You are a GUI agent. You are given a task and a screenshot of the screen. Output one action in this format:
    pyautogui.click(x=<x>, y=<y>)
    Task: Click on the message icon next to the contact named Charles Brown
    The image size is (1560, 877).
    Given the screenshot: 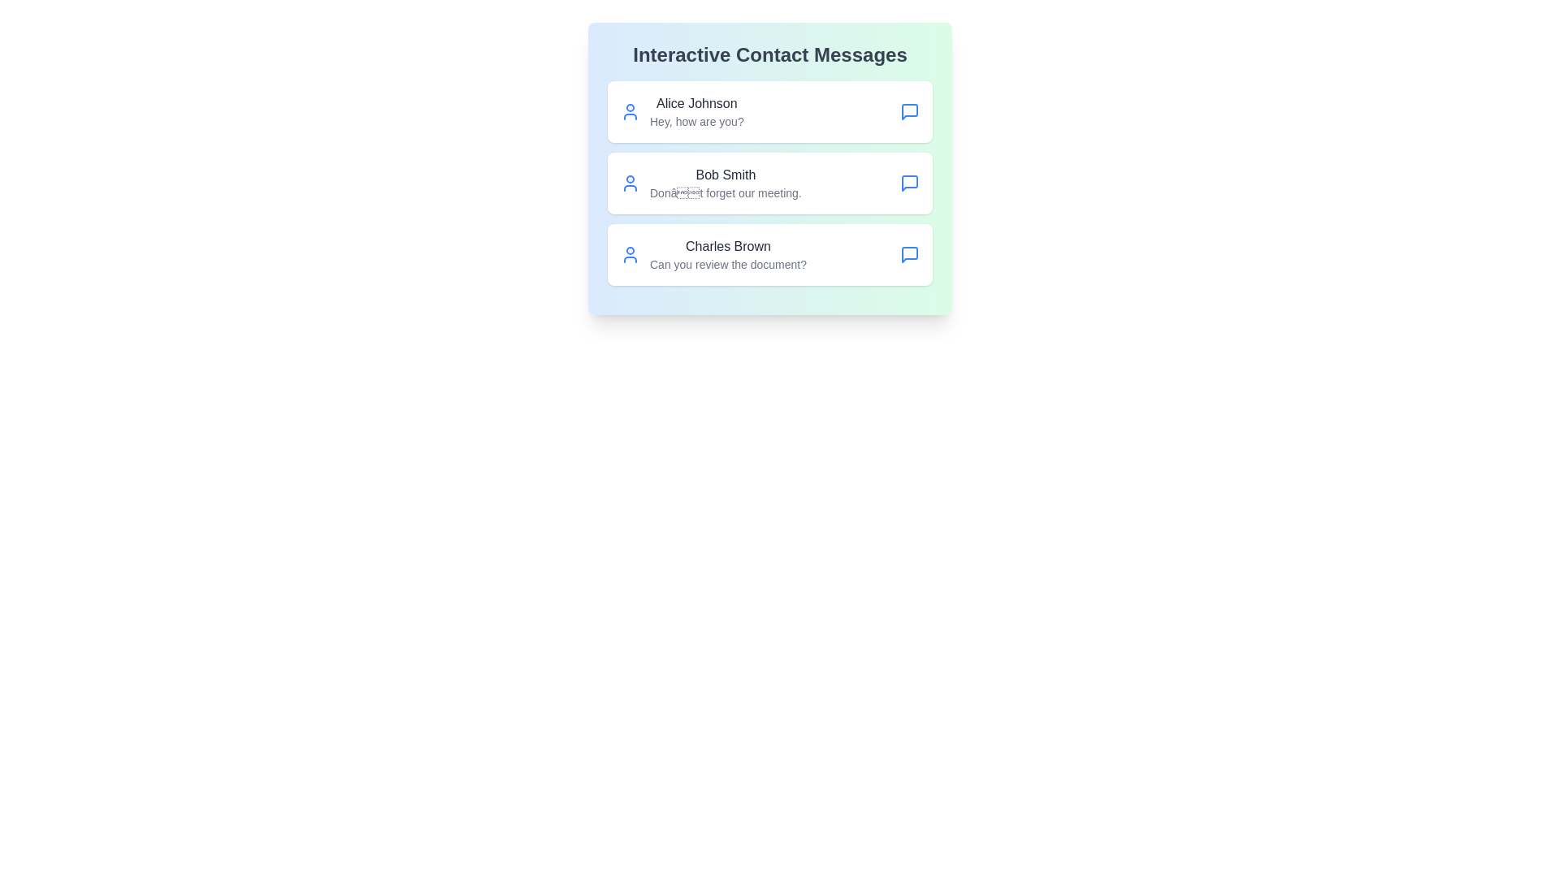 What is the action you would take?
    pyautogui.click(x=908, y=254)
    